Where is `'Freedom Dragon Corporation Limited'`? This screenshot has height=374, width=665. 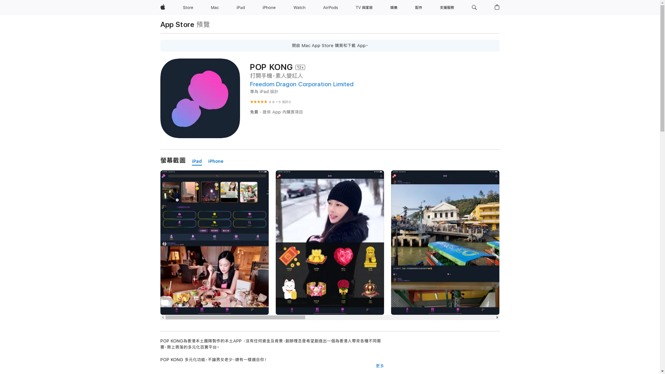 'Freedom Dragon Corporation Limited' is located at coordinates (302, 84).